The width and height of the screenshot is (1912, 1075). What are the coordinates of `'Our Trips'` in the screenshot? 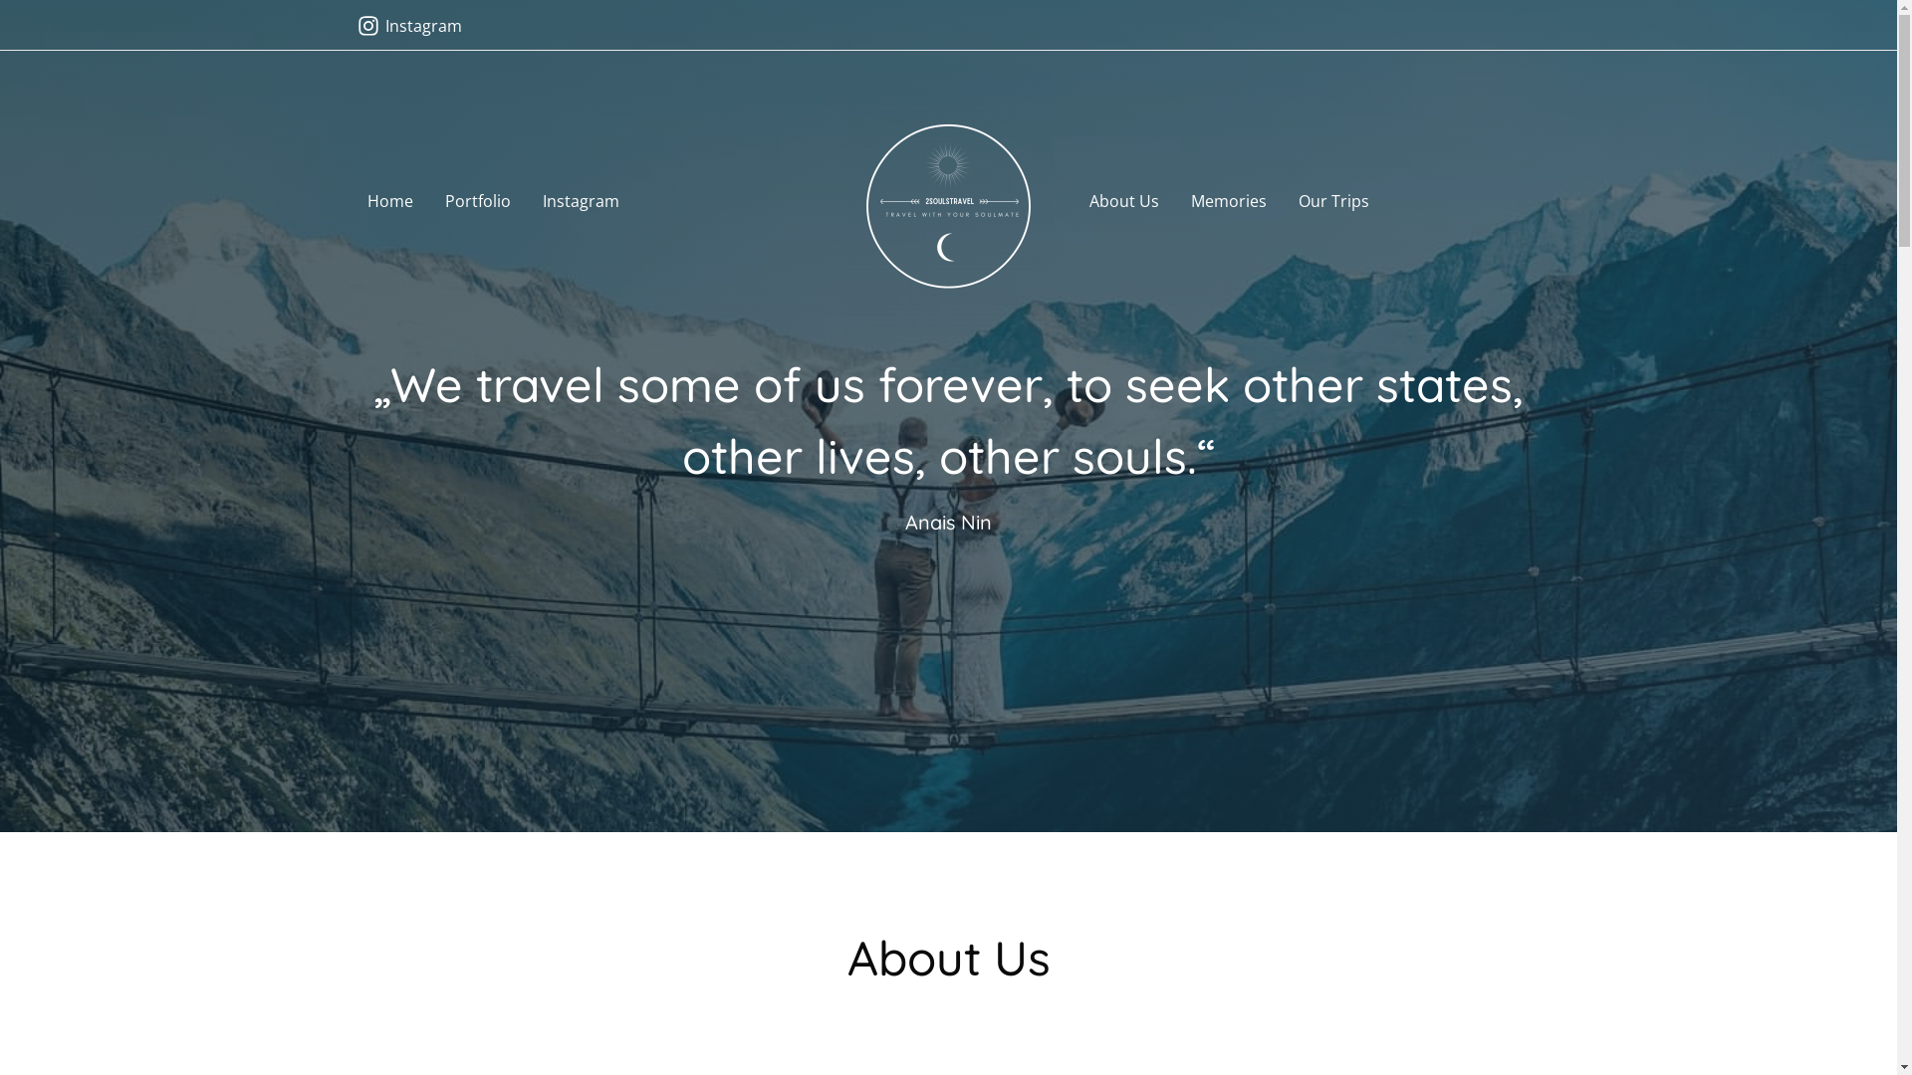 It's located at (1333, 202).